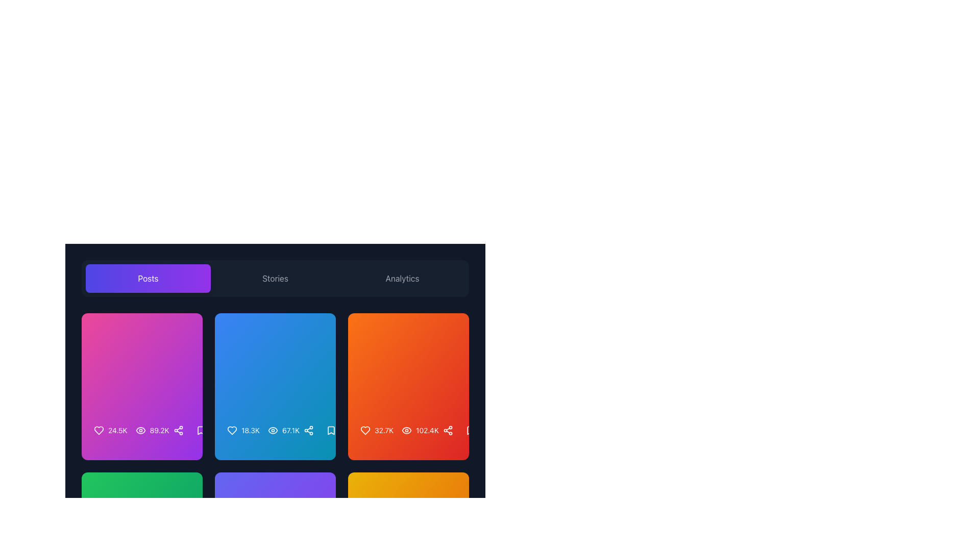  I want to click on the bookmark icon located at the bottom-right corner of the blue card in the second column of the grid layout, so click(331, 431).